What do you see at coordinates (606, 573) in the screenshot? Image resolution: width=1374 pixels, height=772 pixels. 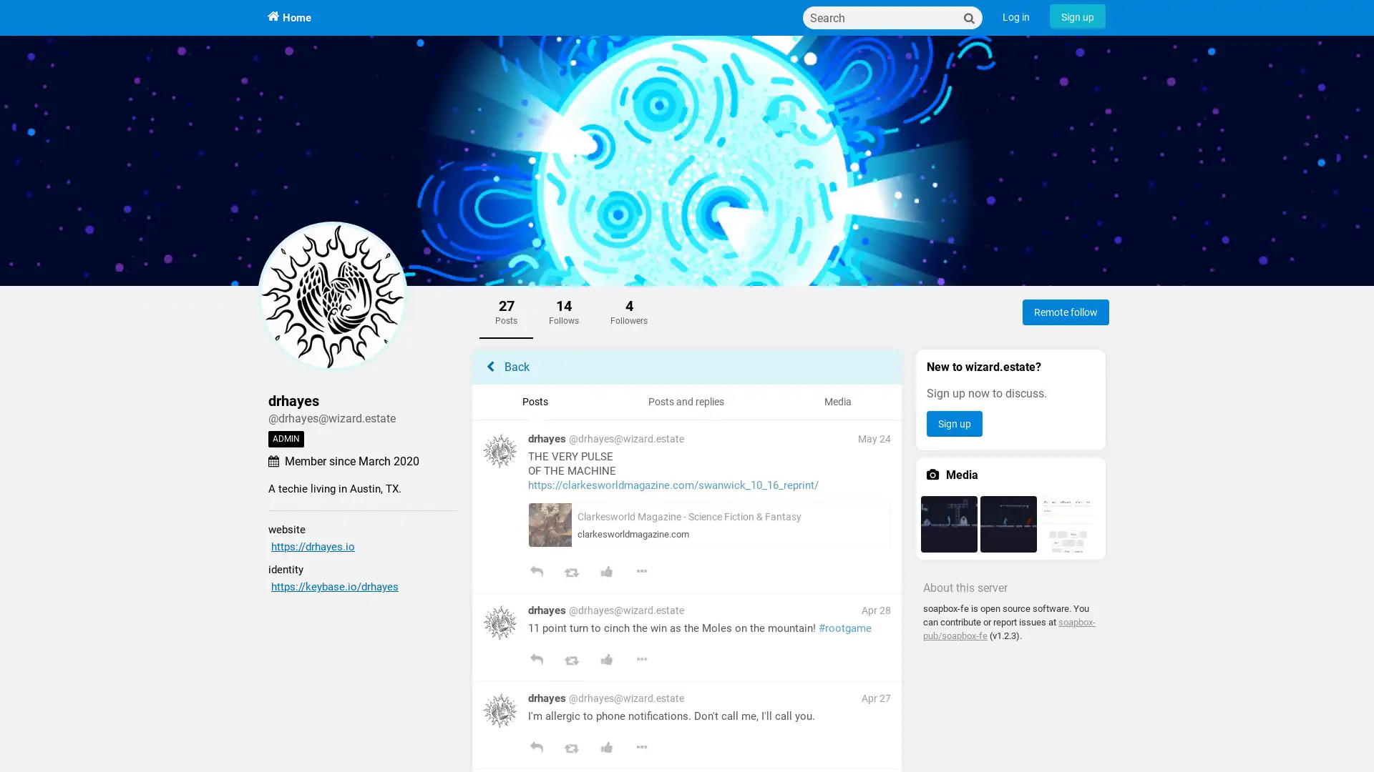 I see `Like` at bounding box center [606, 573].